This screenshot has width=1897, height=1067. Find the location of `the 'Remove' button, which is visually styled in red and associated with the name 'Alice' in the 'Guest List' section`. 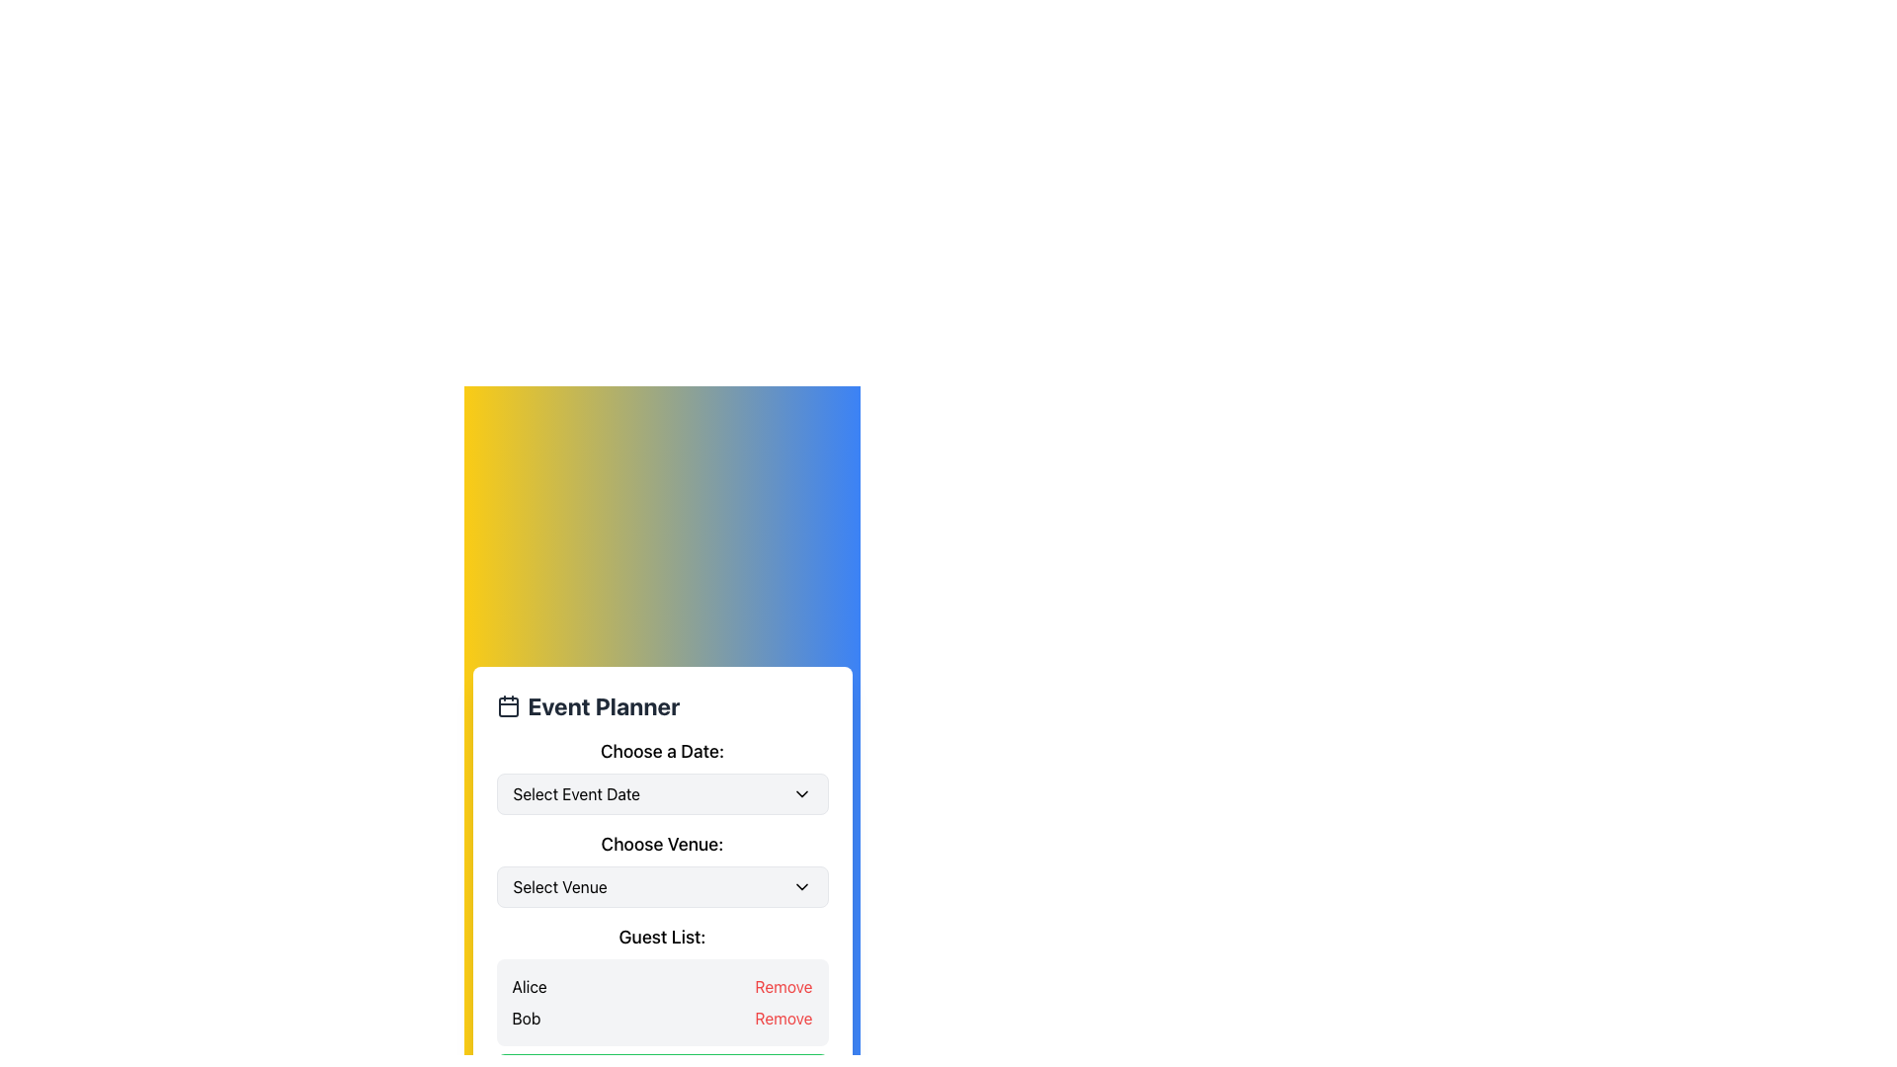

the 'Remove' button, which is visually styled in red and associated with the name 'Alice' in the 'Guest List' section is located at coordinates (783, 987).